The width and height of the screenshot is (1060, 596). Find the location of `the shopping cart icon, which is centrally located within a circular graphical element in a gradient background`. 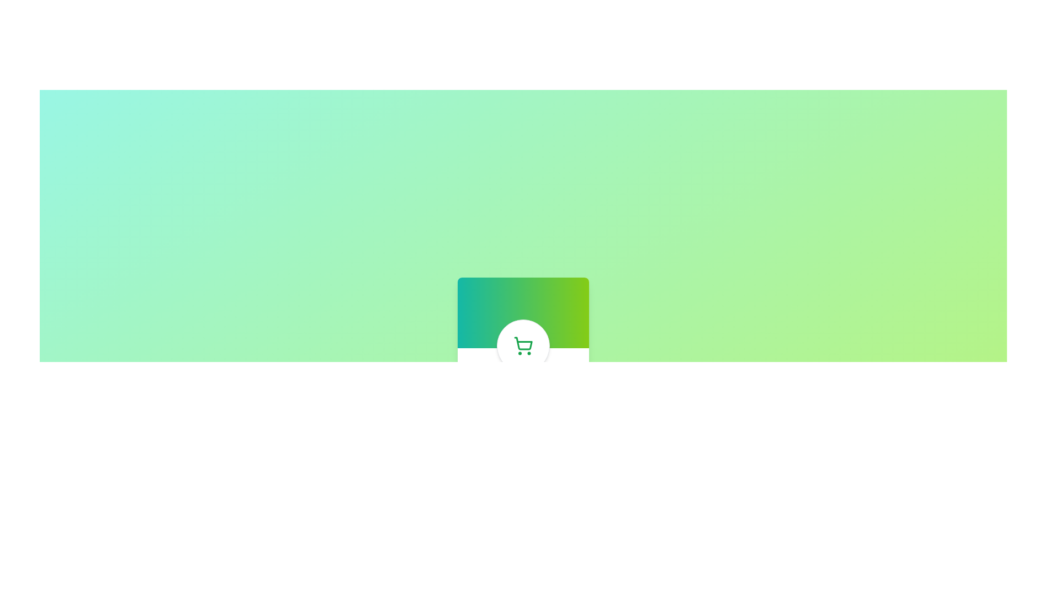

the shopping cart icon, which is centrally located within a circular graphical element in a gradient background is located at coordinates (523, 343).